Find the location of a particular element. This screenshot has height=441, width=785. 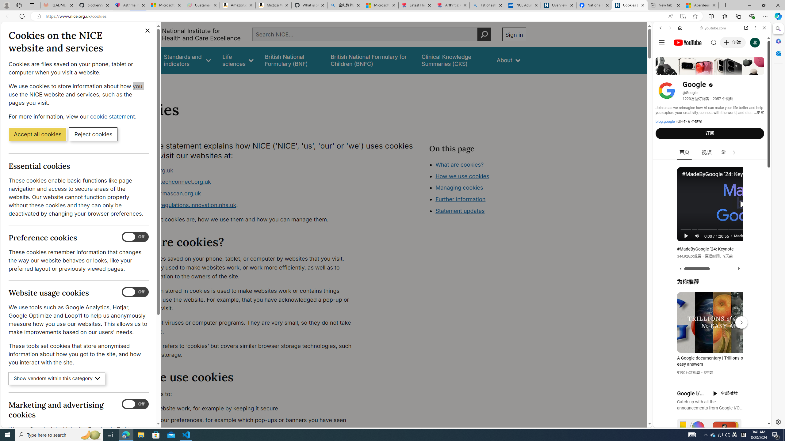

'Trailer #2 [HD]' is located at coordinates (711, 181).